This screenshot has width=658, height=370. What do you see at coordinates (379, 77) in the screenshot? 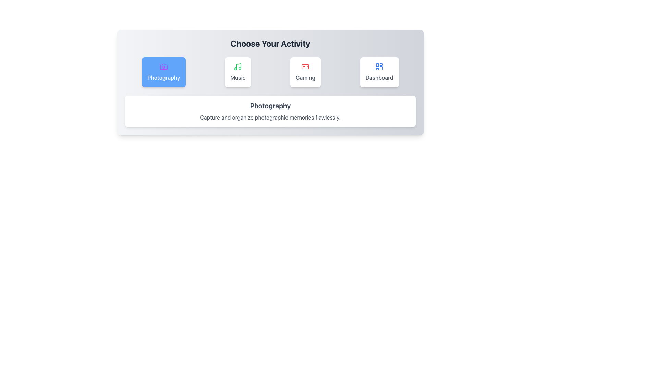
I see `the text label reading 'Dashboard', which is styled with a medium-weight font and dark gray color, located below the dashboard icon within a white rounded rectangle` at bounding box center [379, 77].